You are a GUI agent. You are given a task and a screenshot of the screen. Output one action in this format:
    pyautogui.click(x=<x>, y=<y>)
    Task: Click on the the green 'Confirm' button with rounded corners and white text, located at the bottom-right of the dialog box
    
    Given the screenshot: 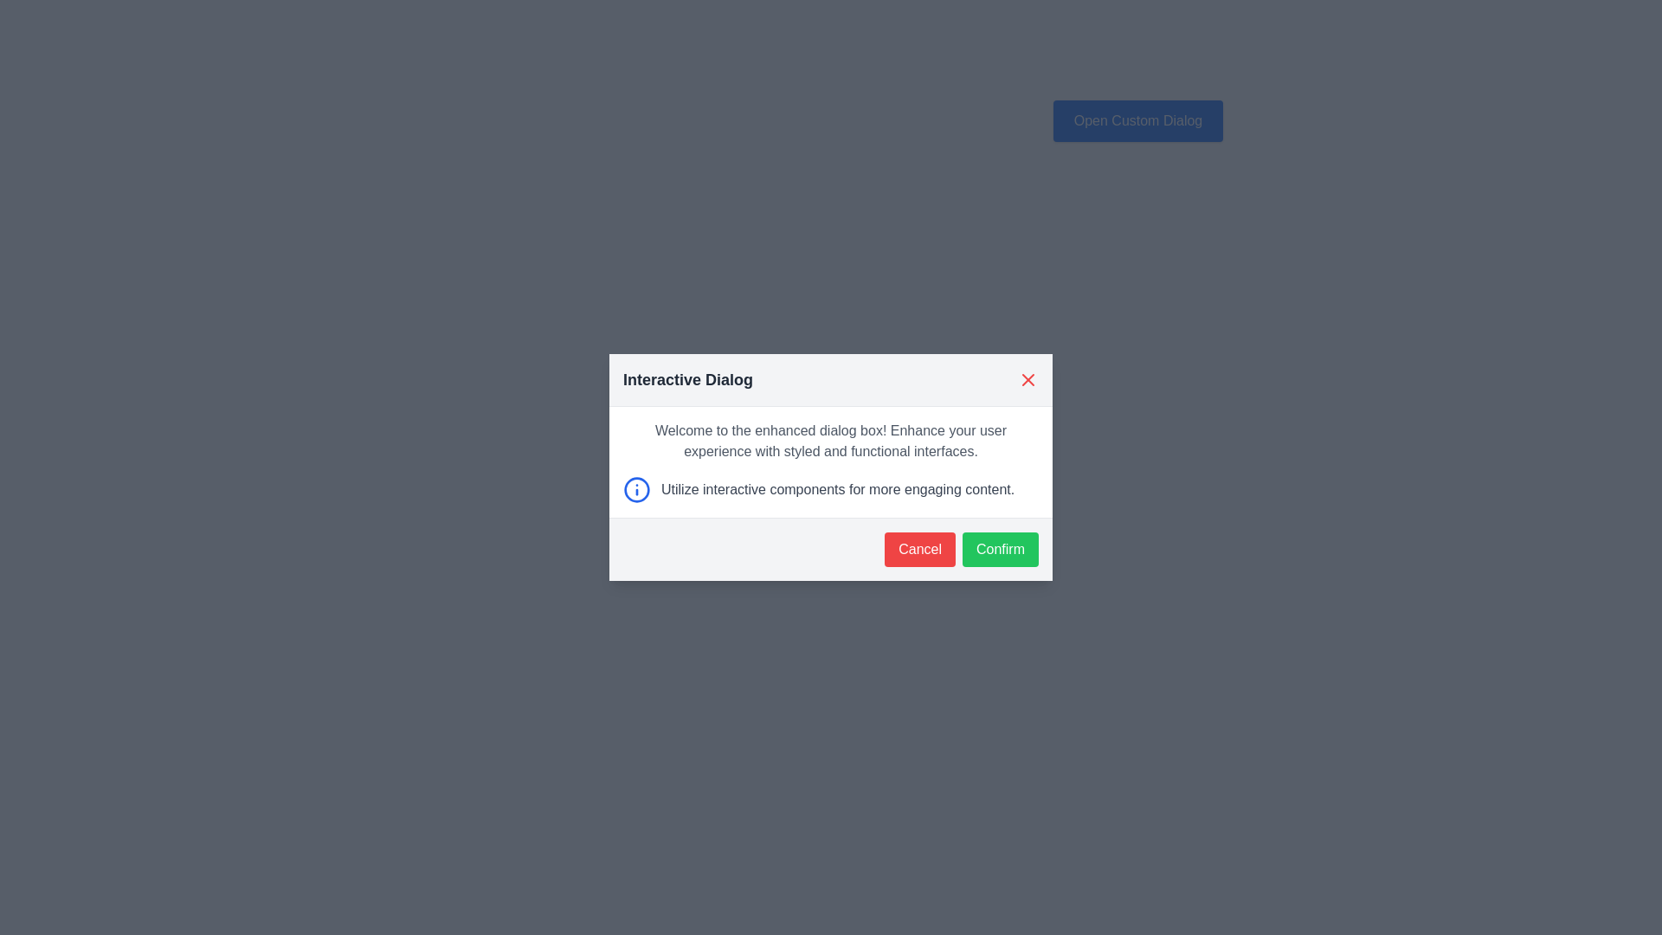 What is the action you would take?
    pyautogui.click(x=1001, y=550)
    